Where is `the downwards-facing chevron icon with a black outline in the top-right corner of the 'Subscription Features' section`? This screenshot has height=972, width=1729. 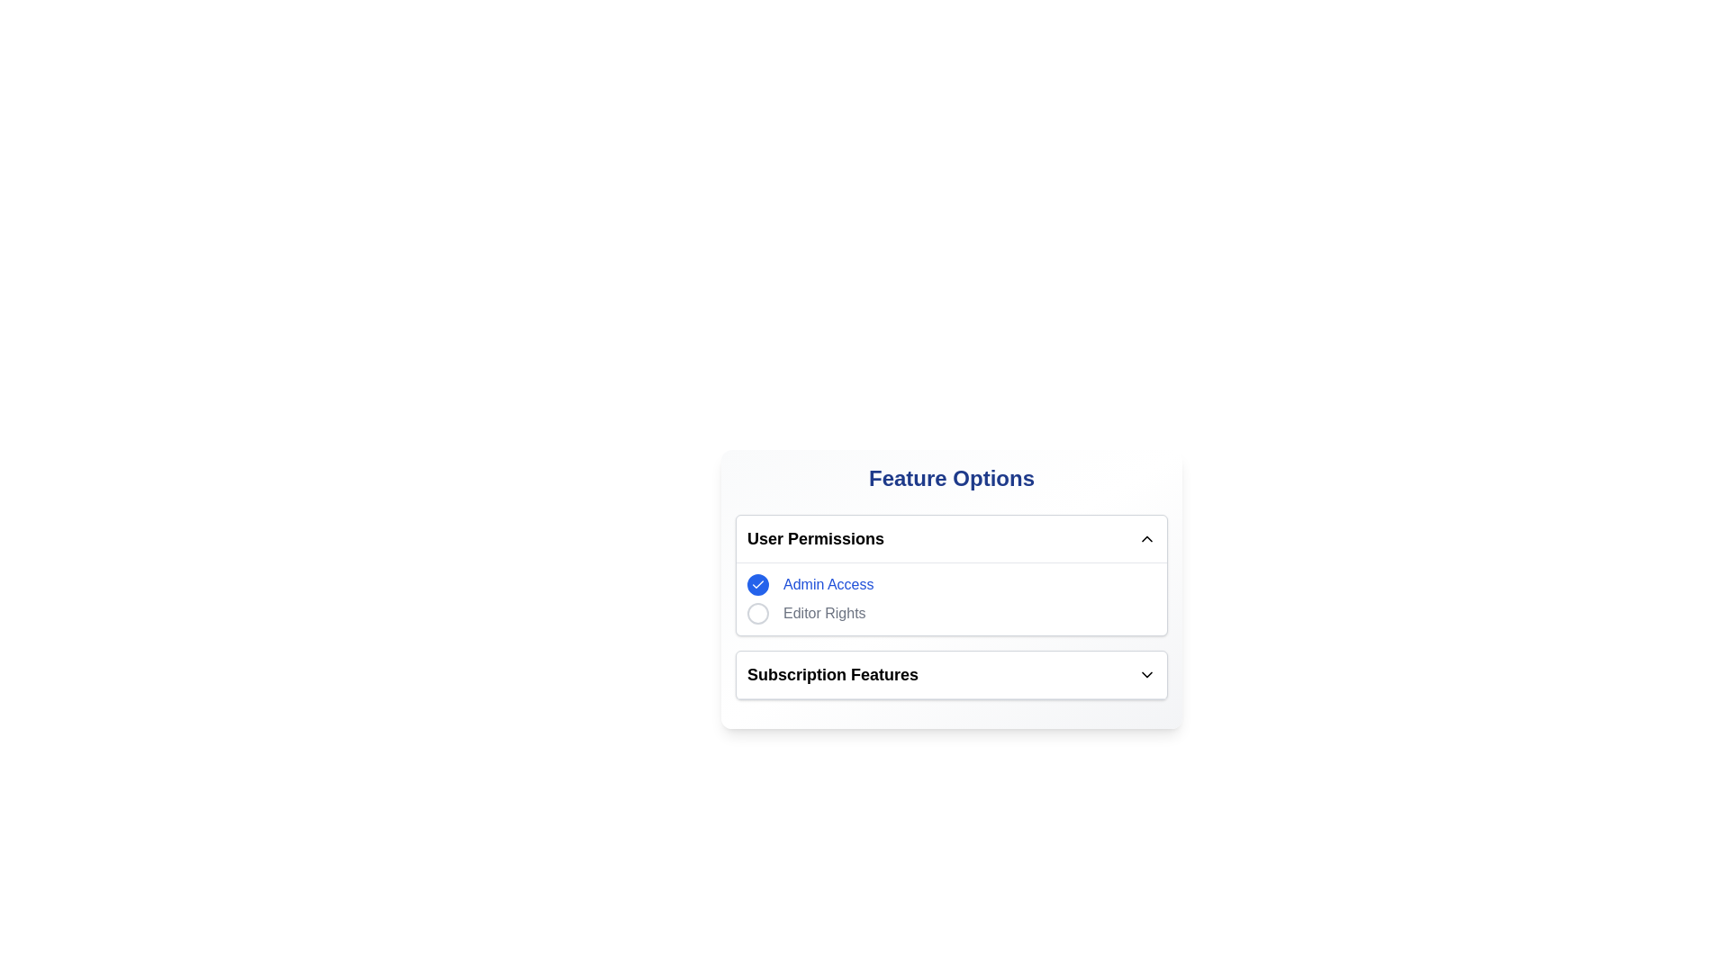 the downwards-facing chevron icon with a black outline in the top-right corner of the 'Subscription Features' section is located at coordinates (1145, 674).